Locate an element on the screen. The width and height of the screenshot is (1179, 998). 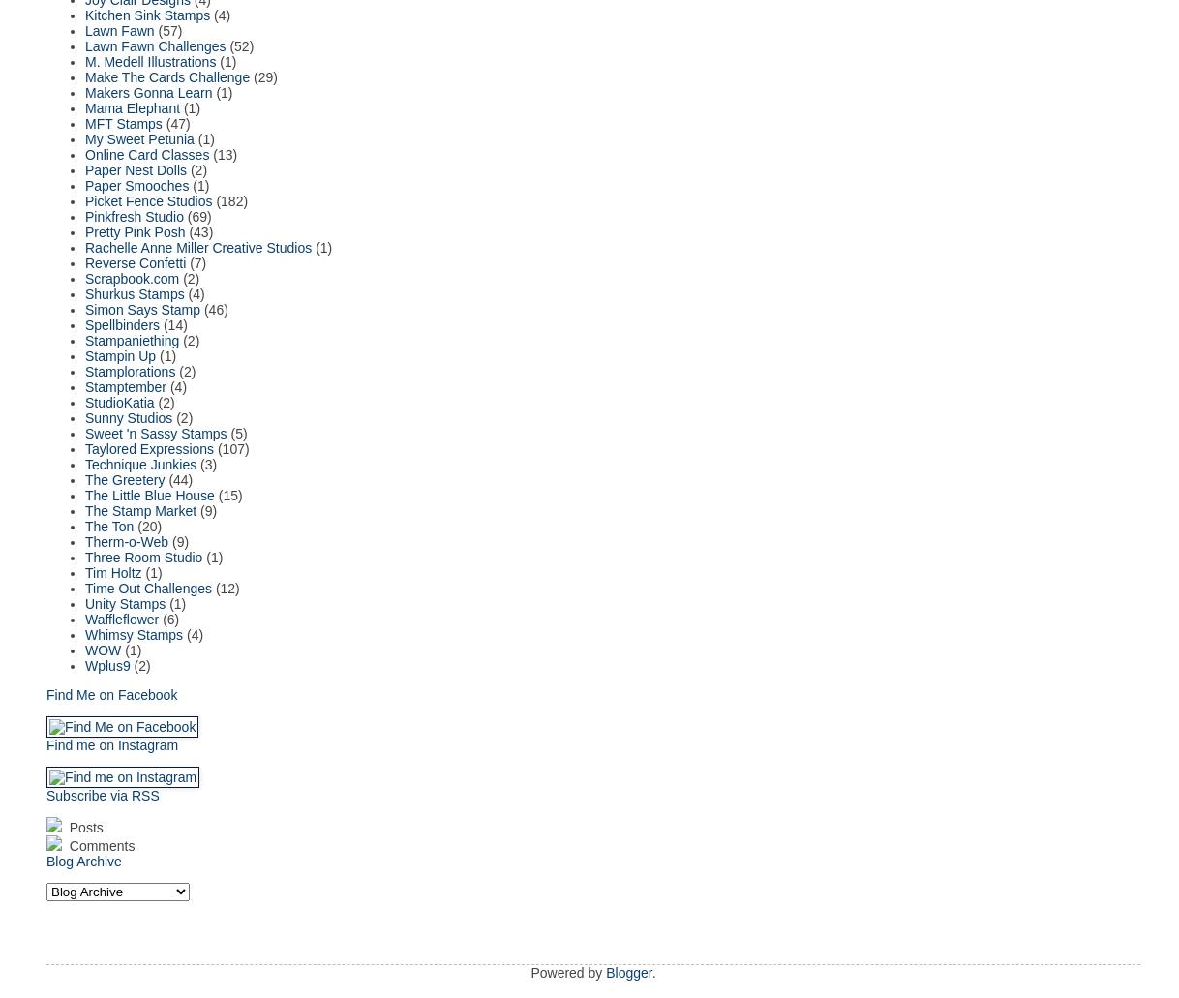
'The Ton' is located at coordinates (109, 525).